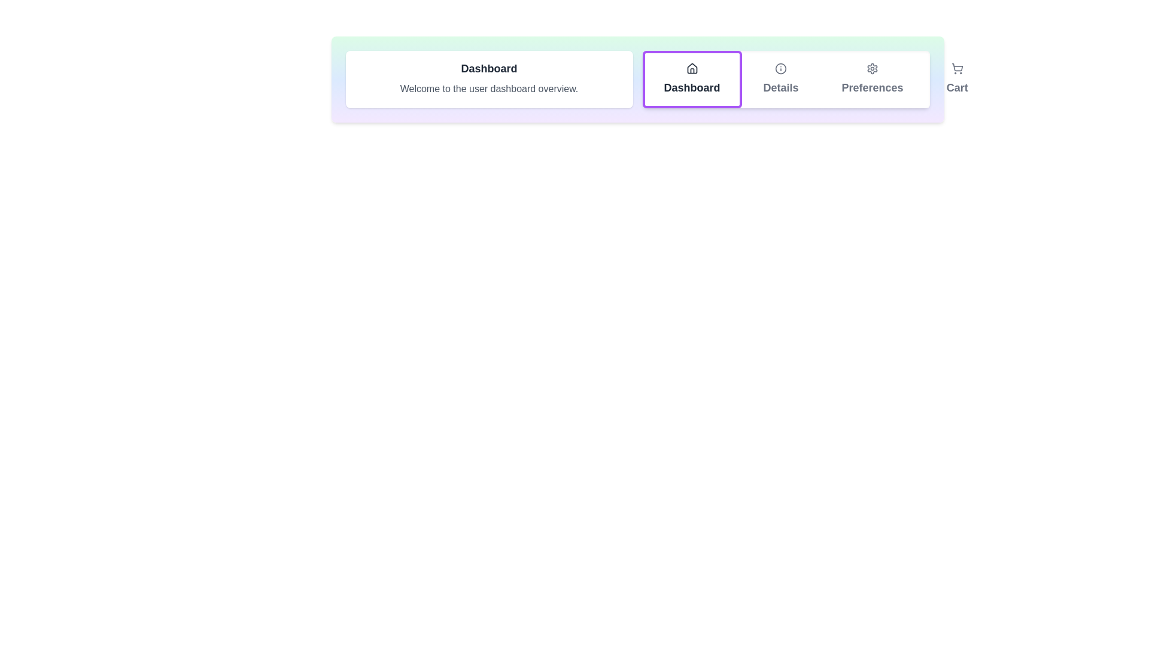 The image size is (1149, 646). What do you see at coordinates (873, 79) in the screenshot?
I see `the tab corresponding to Preferences` at bounding box center [873, 79].